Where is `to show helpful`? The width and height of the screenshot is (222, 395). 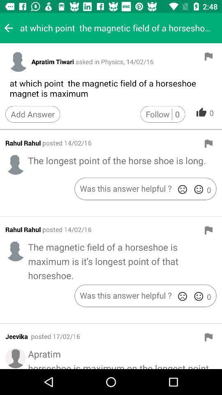 to show helpful is located at coordinates (198, 189).